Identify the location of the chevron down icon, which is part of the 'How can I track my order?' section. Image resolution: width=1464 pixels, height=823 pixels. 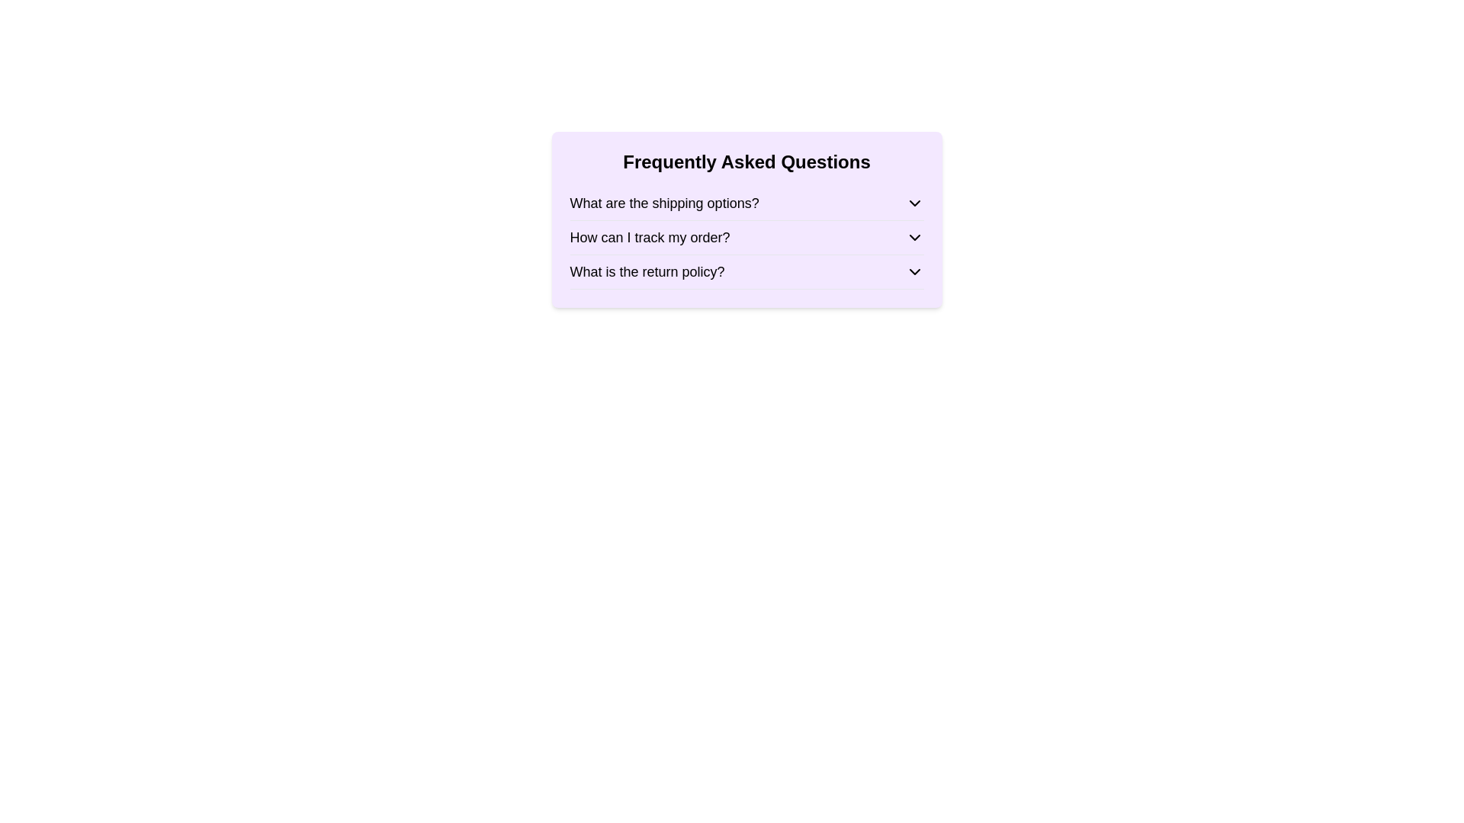
(914, 238).